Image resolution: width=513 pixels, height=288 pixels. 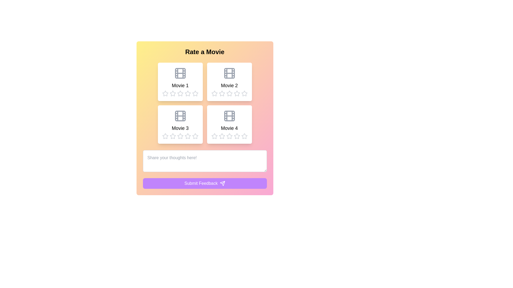 I want to click on the first rating star below the 'Movie 1' label in the upper-left card of the grid layout to rate it, so click(x=173, y=93).